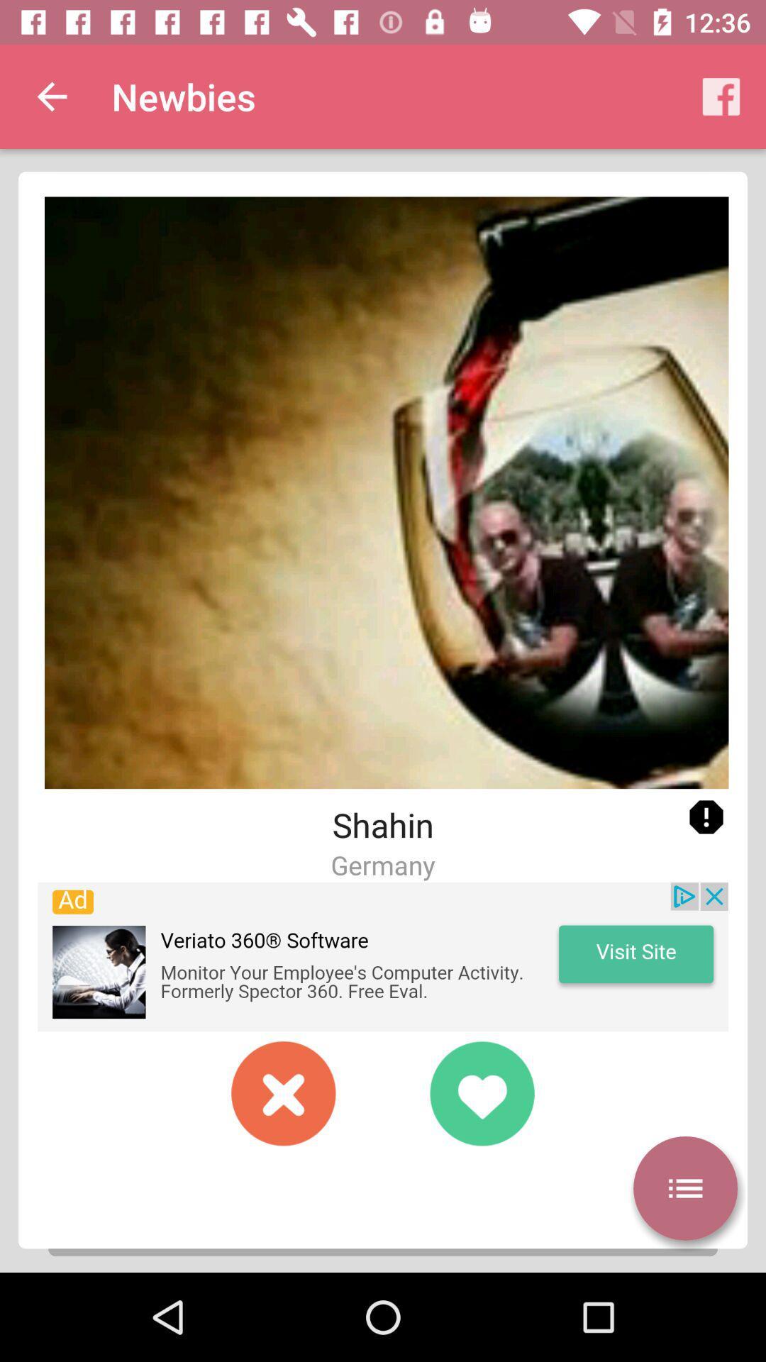 The width and height of the screenshot is (766, 1362). I want to click on information, so click(706, 817).